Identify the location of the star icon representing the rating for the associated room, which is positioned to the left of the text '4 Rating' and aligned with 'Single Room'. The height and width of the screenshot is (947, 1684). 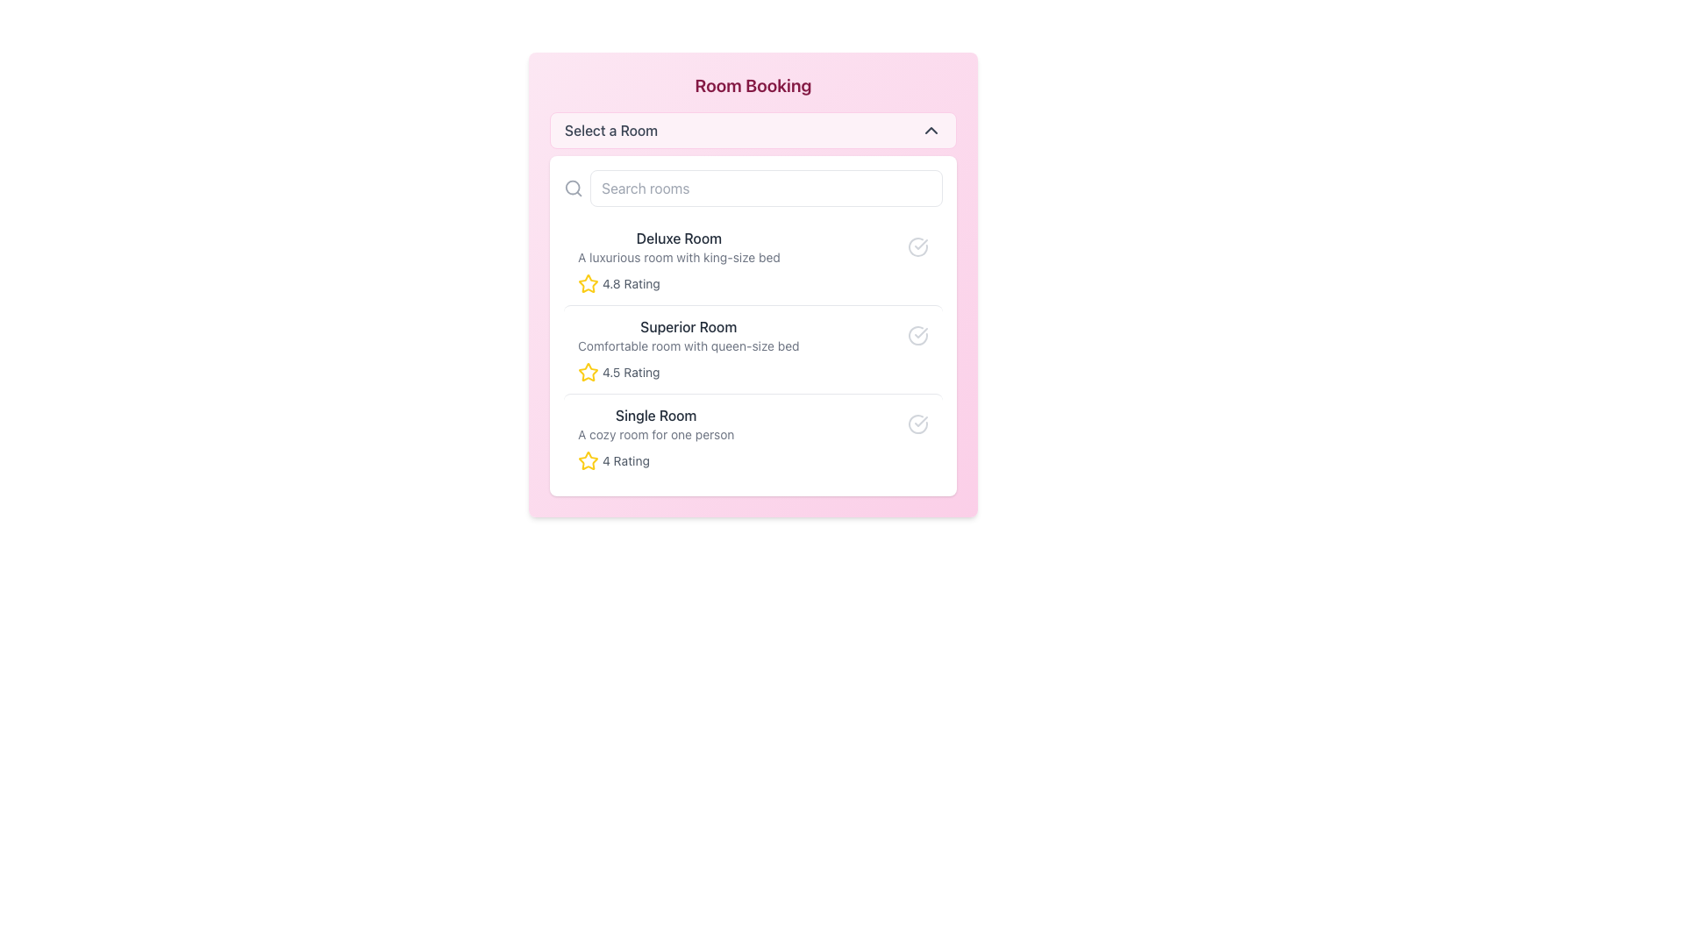
(589, 459).